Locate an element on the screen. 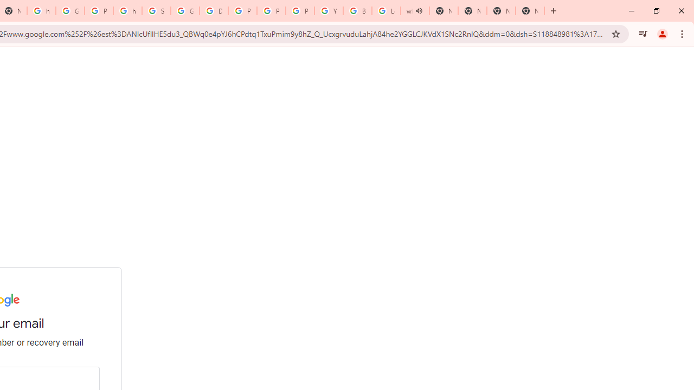 The image size is (694, 390). 'YouTube' is located at coordinates (328, 11).